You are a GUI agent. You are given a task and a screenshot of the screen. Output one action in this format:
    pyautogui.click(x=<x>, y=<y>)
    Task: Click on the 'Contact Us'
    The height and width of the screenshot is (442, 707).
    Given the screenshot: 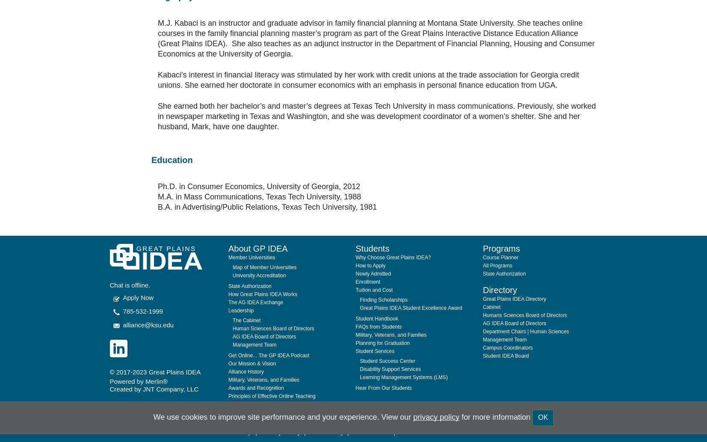 What is the action you would take?
    pyautogui.click(x=398, y=410)
    